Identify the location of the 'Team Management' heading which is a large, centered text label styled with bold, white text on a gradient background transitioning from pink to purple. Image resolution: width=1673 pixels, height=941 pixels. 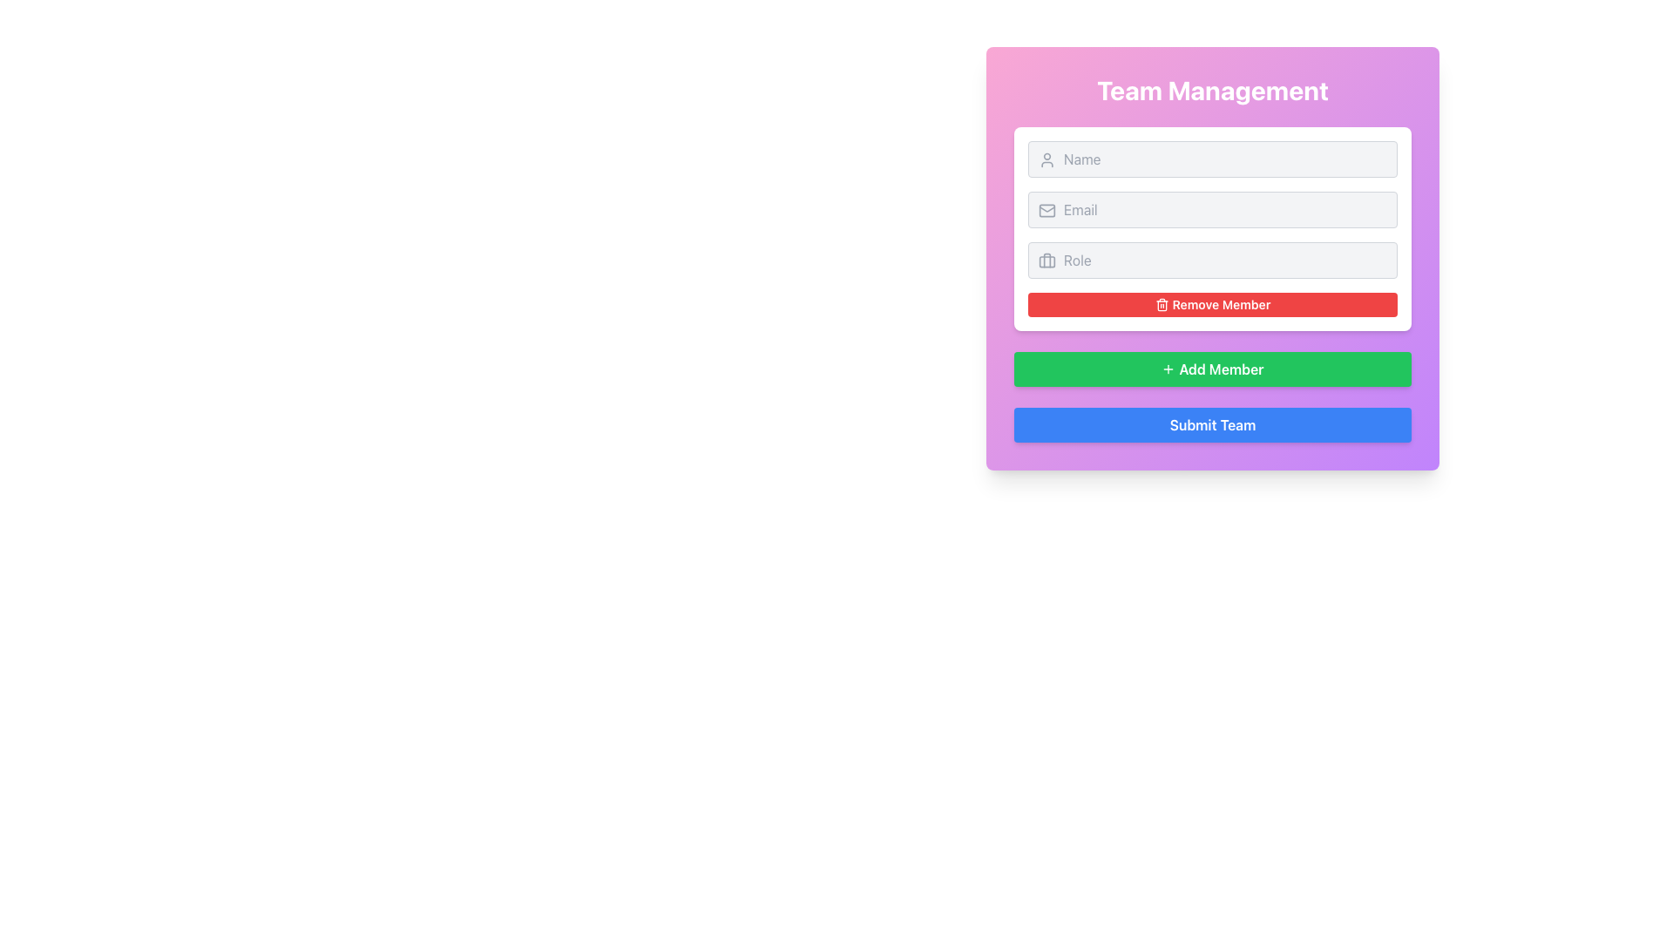
(1212, 91).